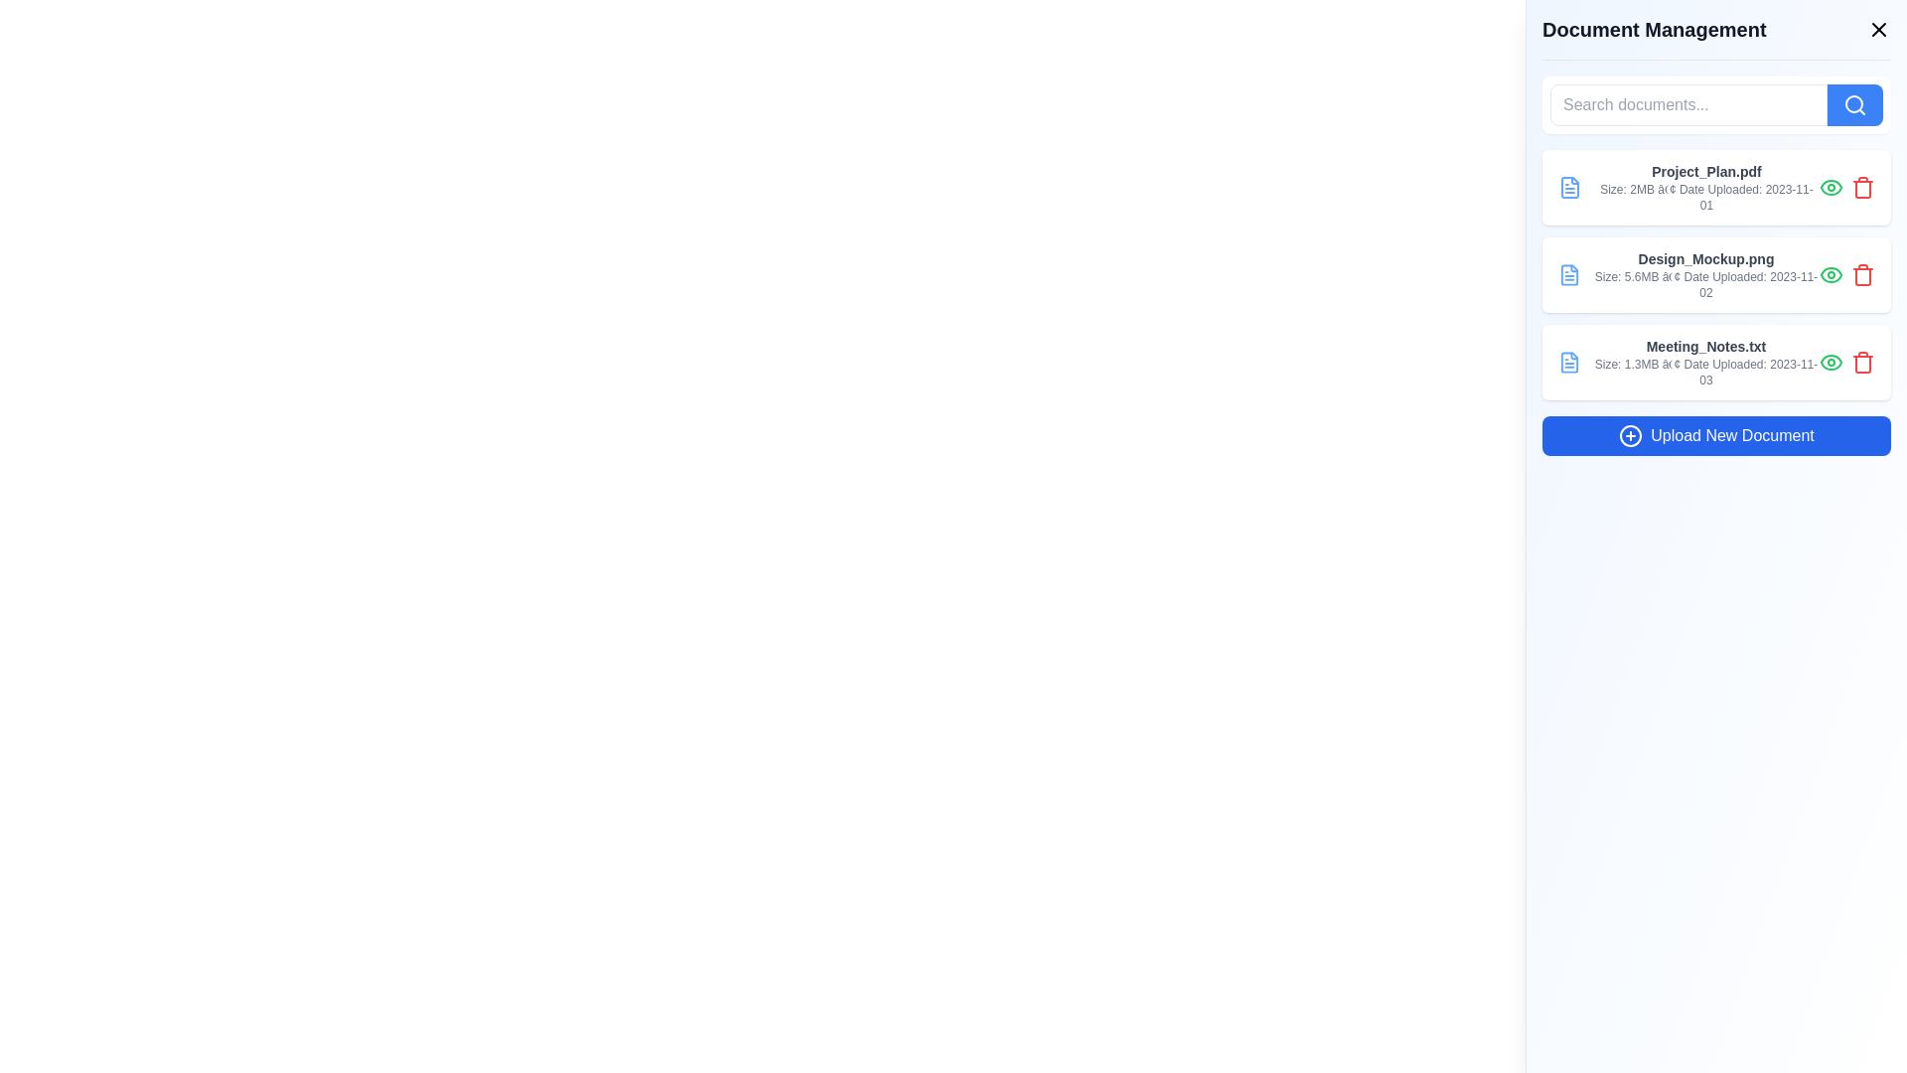 The height and width of the screenshot is (1073, 1907). Describe the element at coordinates (1846, 275) in the screenshot. I see `the interactive control group containing the green eye and red trash can icons located at the far-right end of the row labeled 'Design_Mockup.png Size: 5.6MB • Date Uploaded: 2023-11-02'` at that location.